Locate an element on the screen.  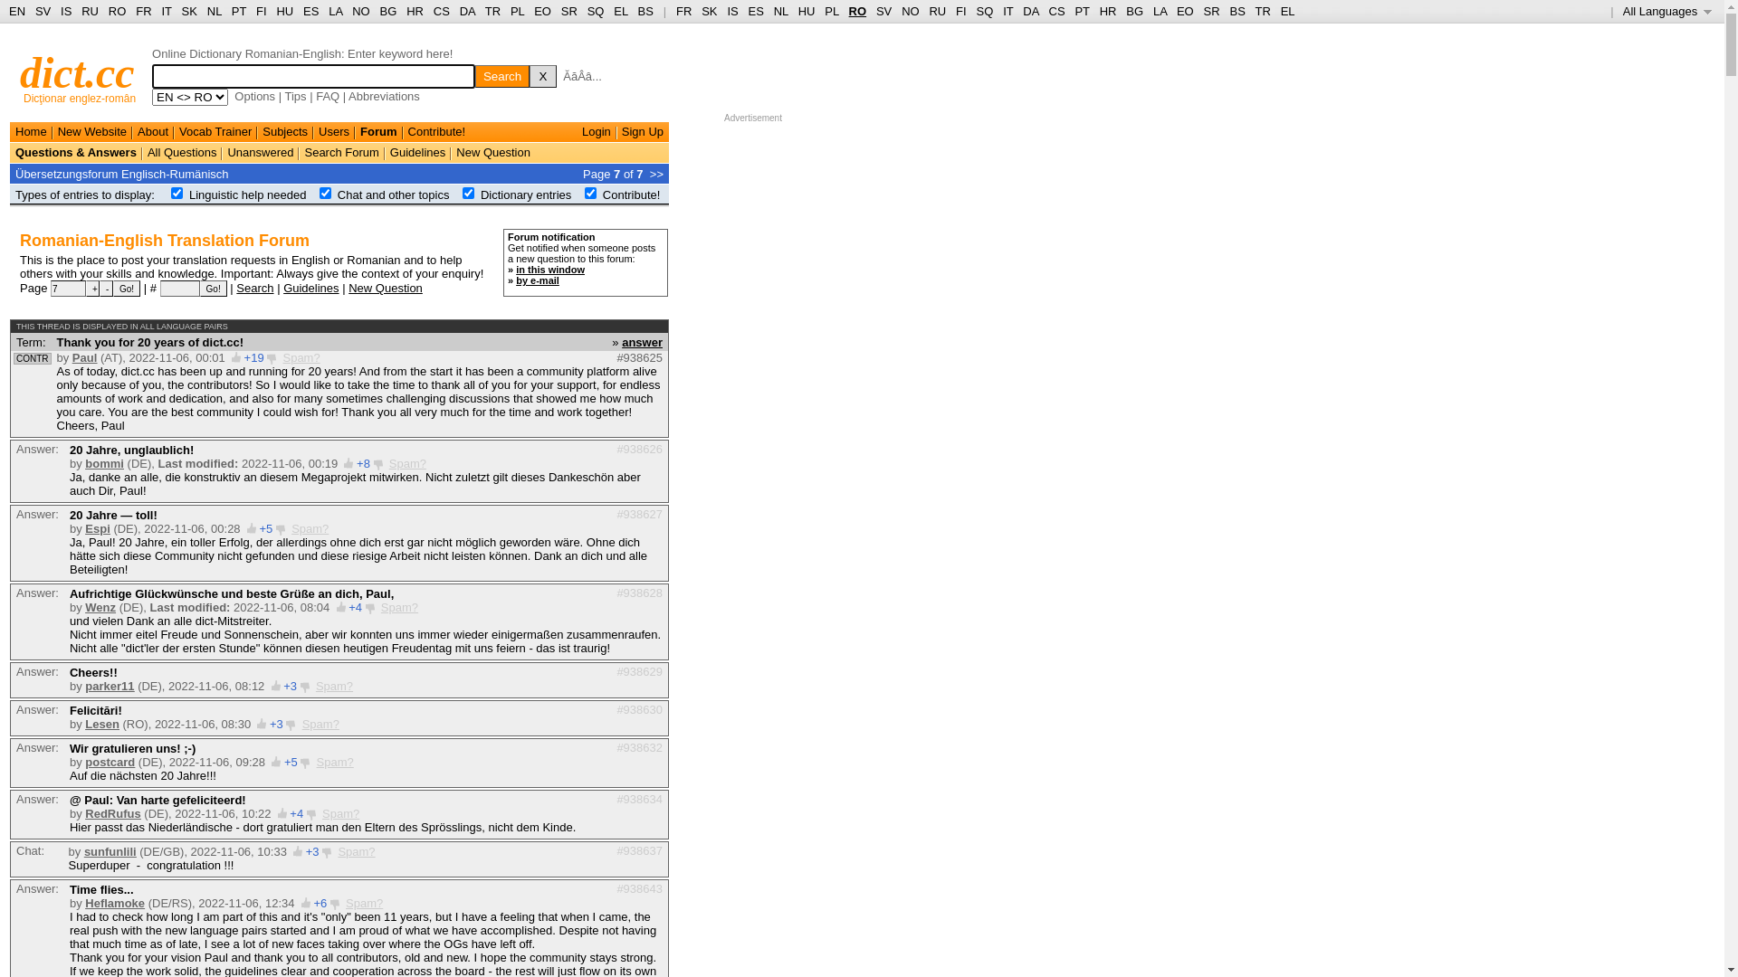
'Dictionary entries' is located at coordinates (481, 194).